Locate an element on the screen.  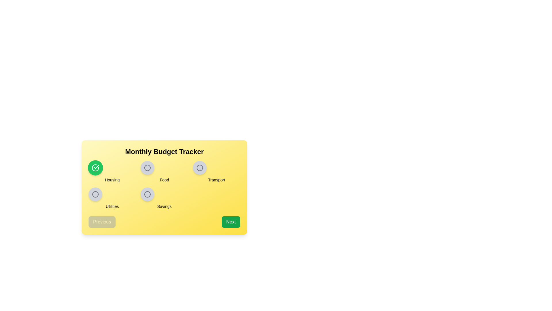
the interactive button representing the 'Food' category in the grid layout of the 'Monthly Budget Tracker' to potentially view additional details is located at coordinates (164, 185).